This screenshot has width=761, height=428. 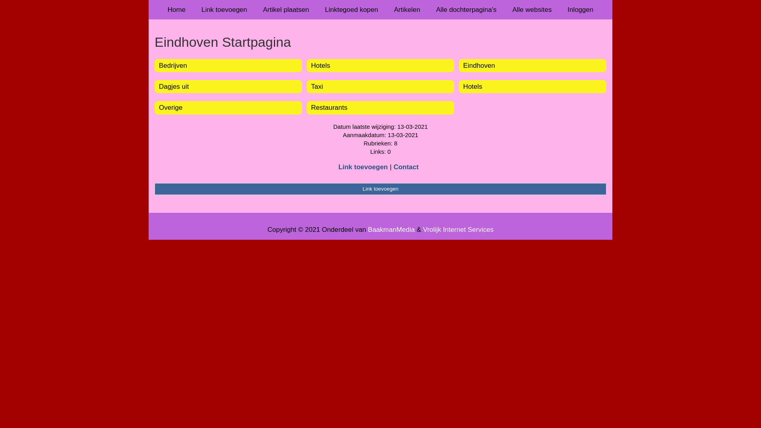 What do you see at coordinates (580, 10) in the screenshot?
I see `'Inloggen'` at bounding box center [580, 10].